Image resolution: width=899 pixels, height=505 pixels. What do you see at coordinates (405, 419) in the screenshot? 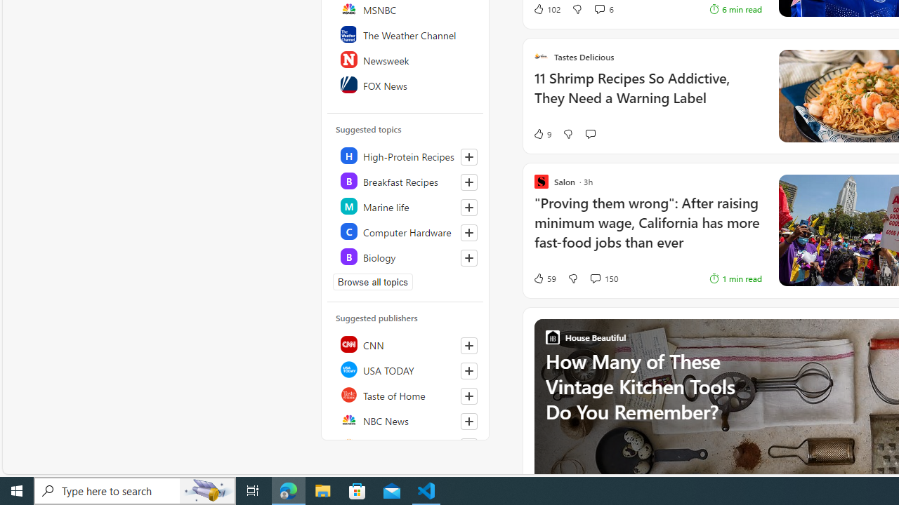
I see `'NBC News'` at bounding box center [405, 419].